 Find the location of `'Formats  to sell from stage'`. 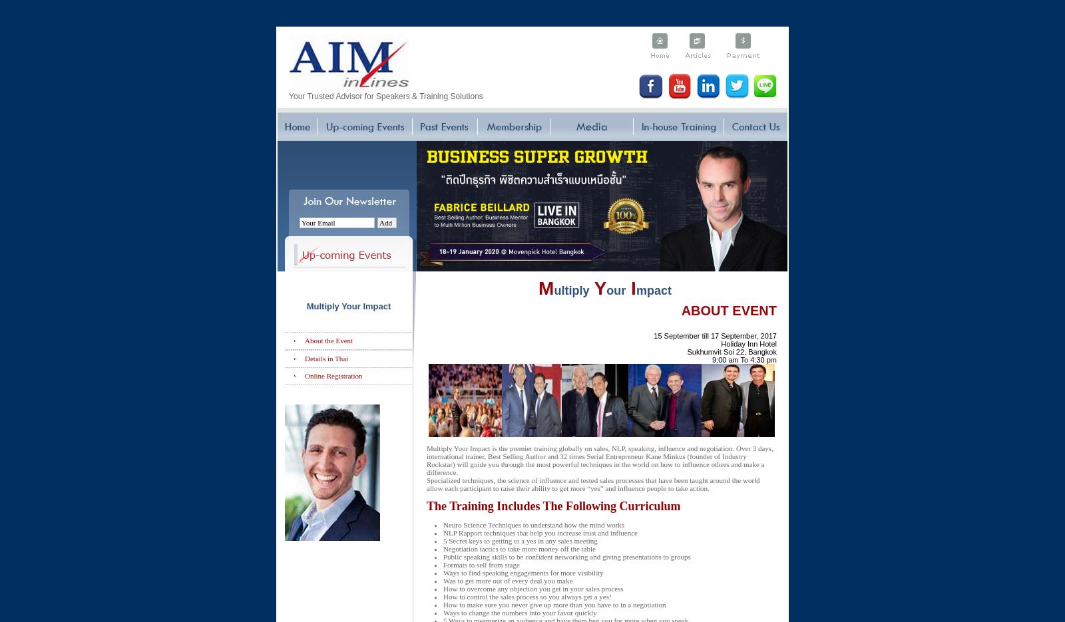

'Formats  to sell from stage' is located at coordinates (481, 564).